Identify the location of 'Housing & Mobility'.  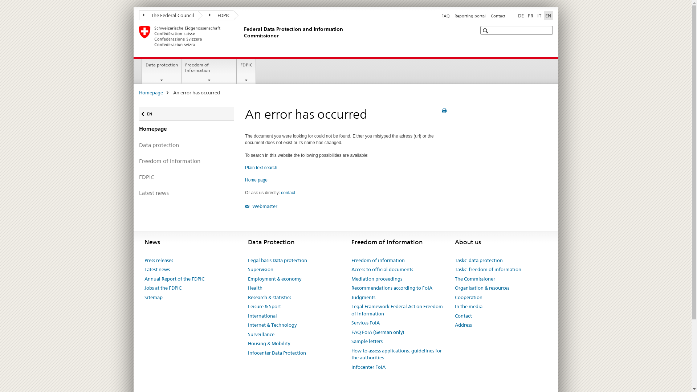
(268, 343).